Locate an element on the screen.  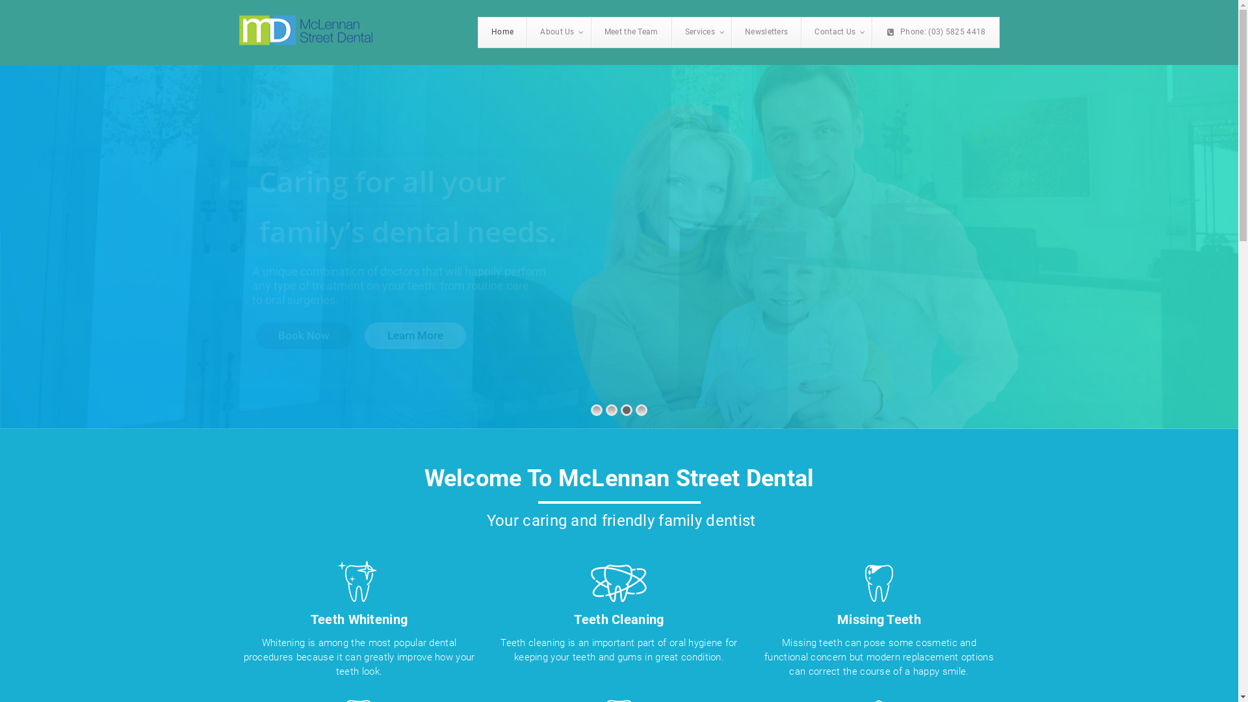
'Services' is located at coordinates (701, 32).